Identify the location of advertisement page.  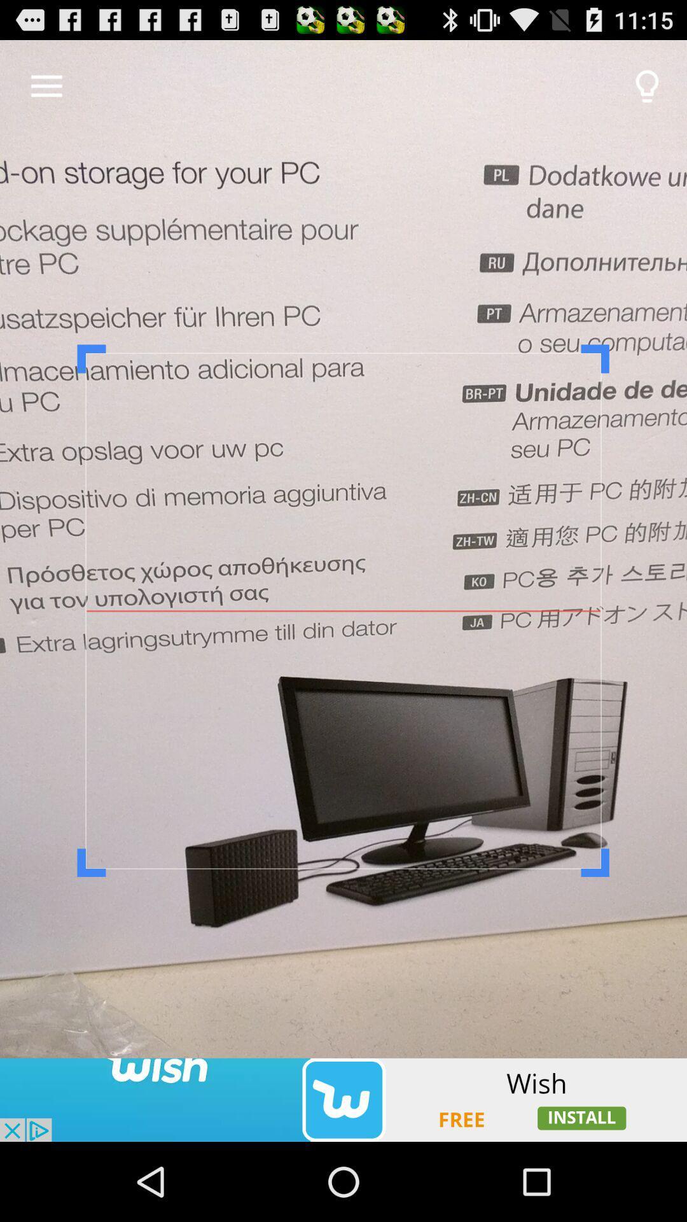
(343, 1099).